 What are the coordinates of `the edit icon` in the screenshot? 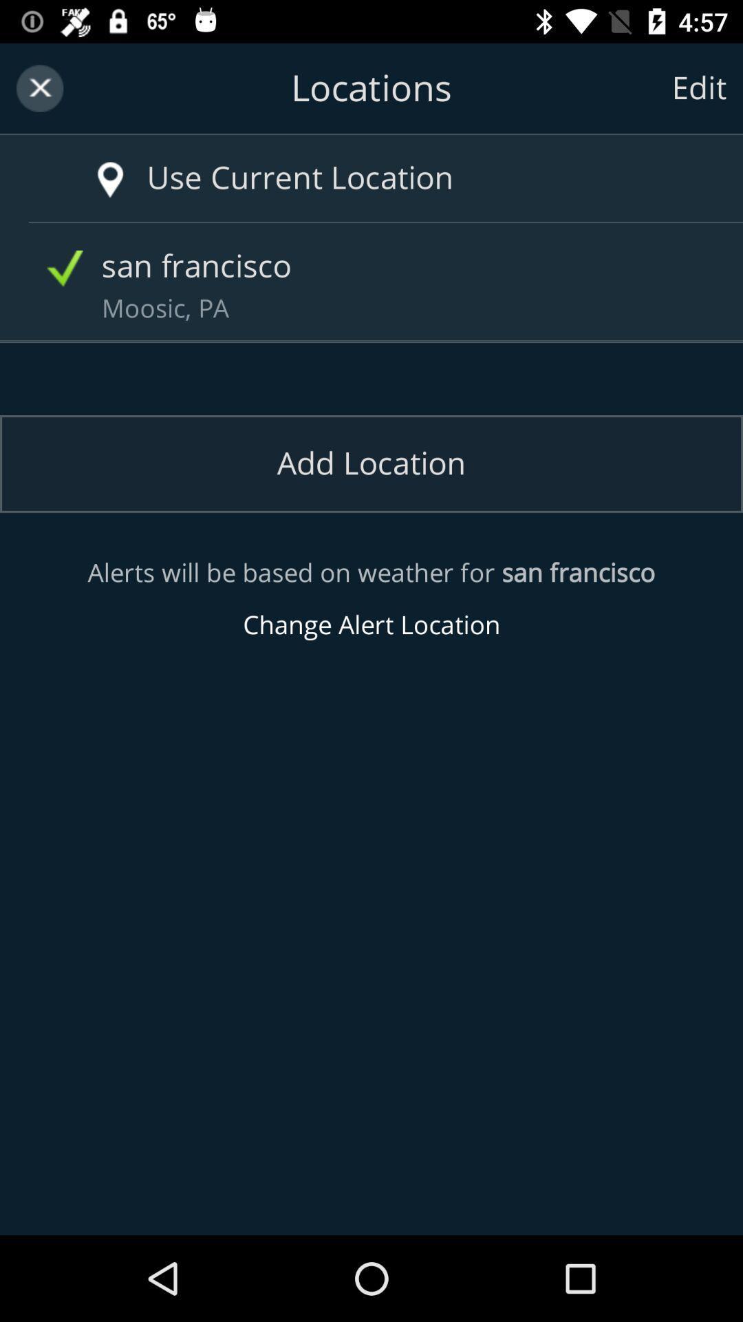 It's located at (699, 87).